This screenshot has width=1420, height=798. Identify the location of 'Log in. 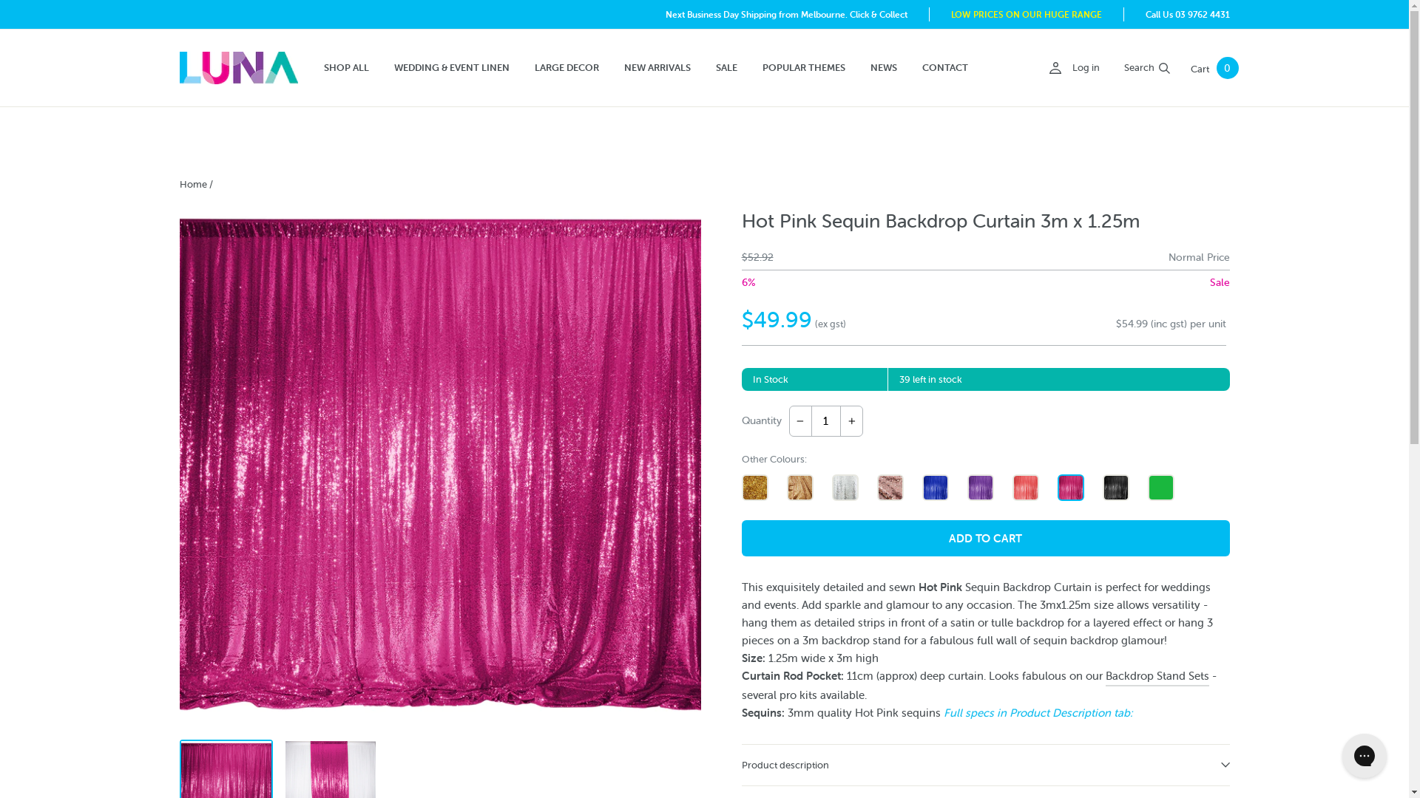
(1072, 68).